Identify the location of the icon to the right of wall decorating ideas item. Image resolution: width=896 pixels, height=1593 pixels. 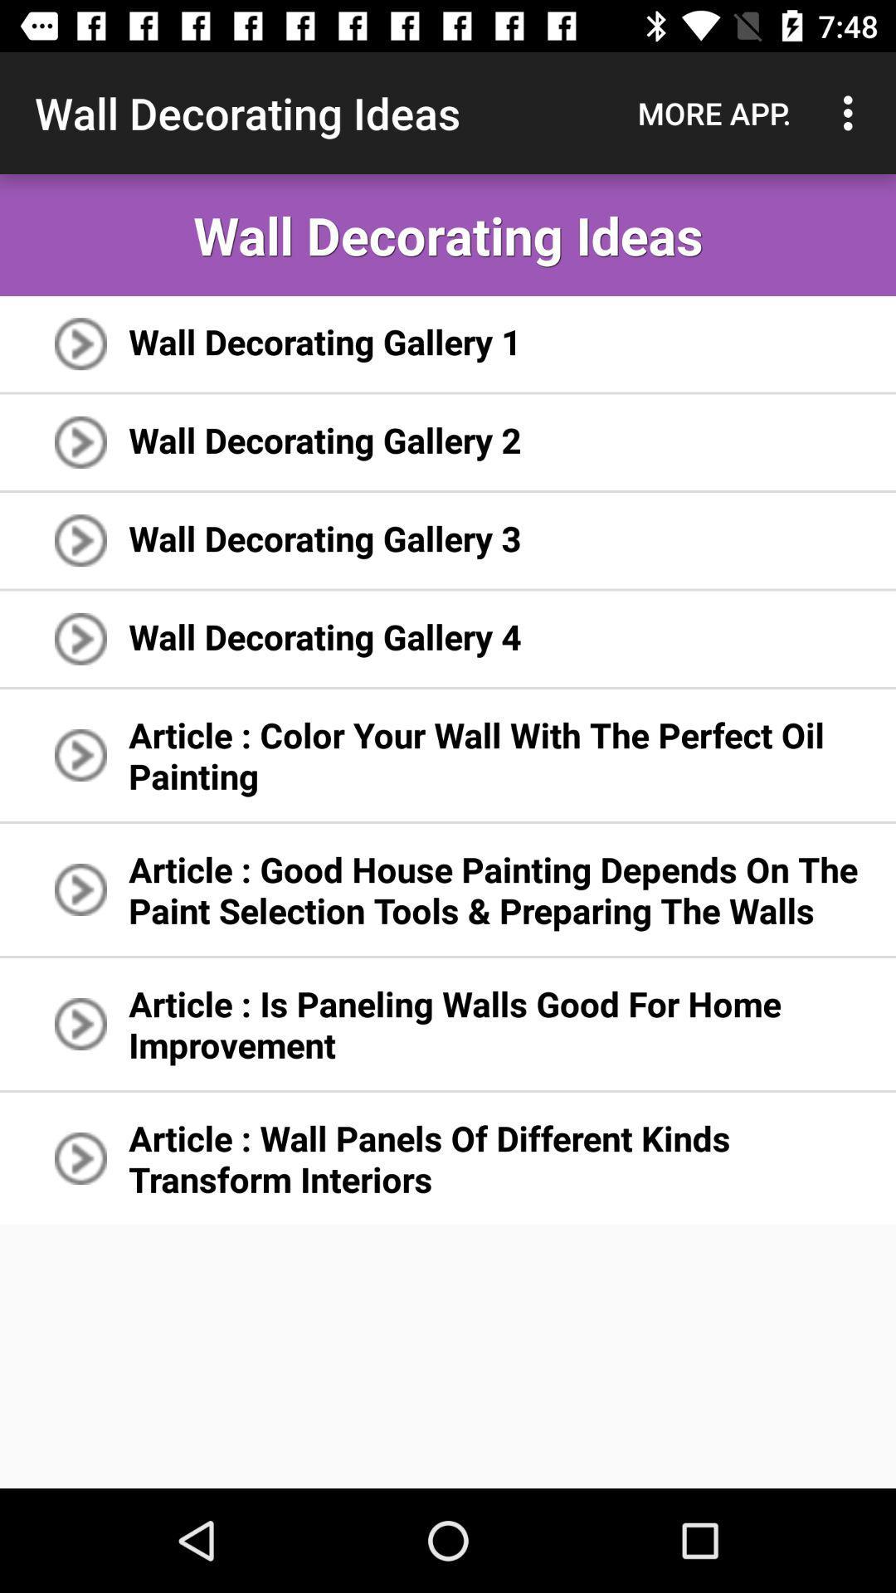
(713, 112).